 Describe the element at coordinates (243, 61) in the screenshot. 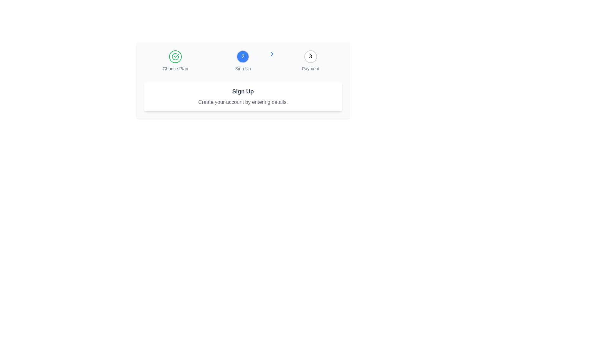

I see `the 'Sign Up' step of the Progress Indicator` at that location.